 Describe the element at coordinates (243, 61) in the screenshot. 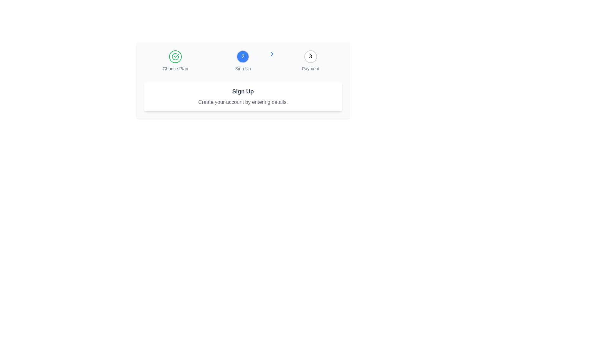

I see `the 'Sign Up' step of the Progress Indicator` at that location.